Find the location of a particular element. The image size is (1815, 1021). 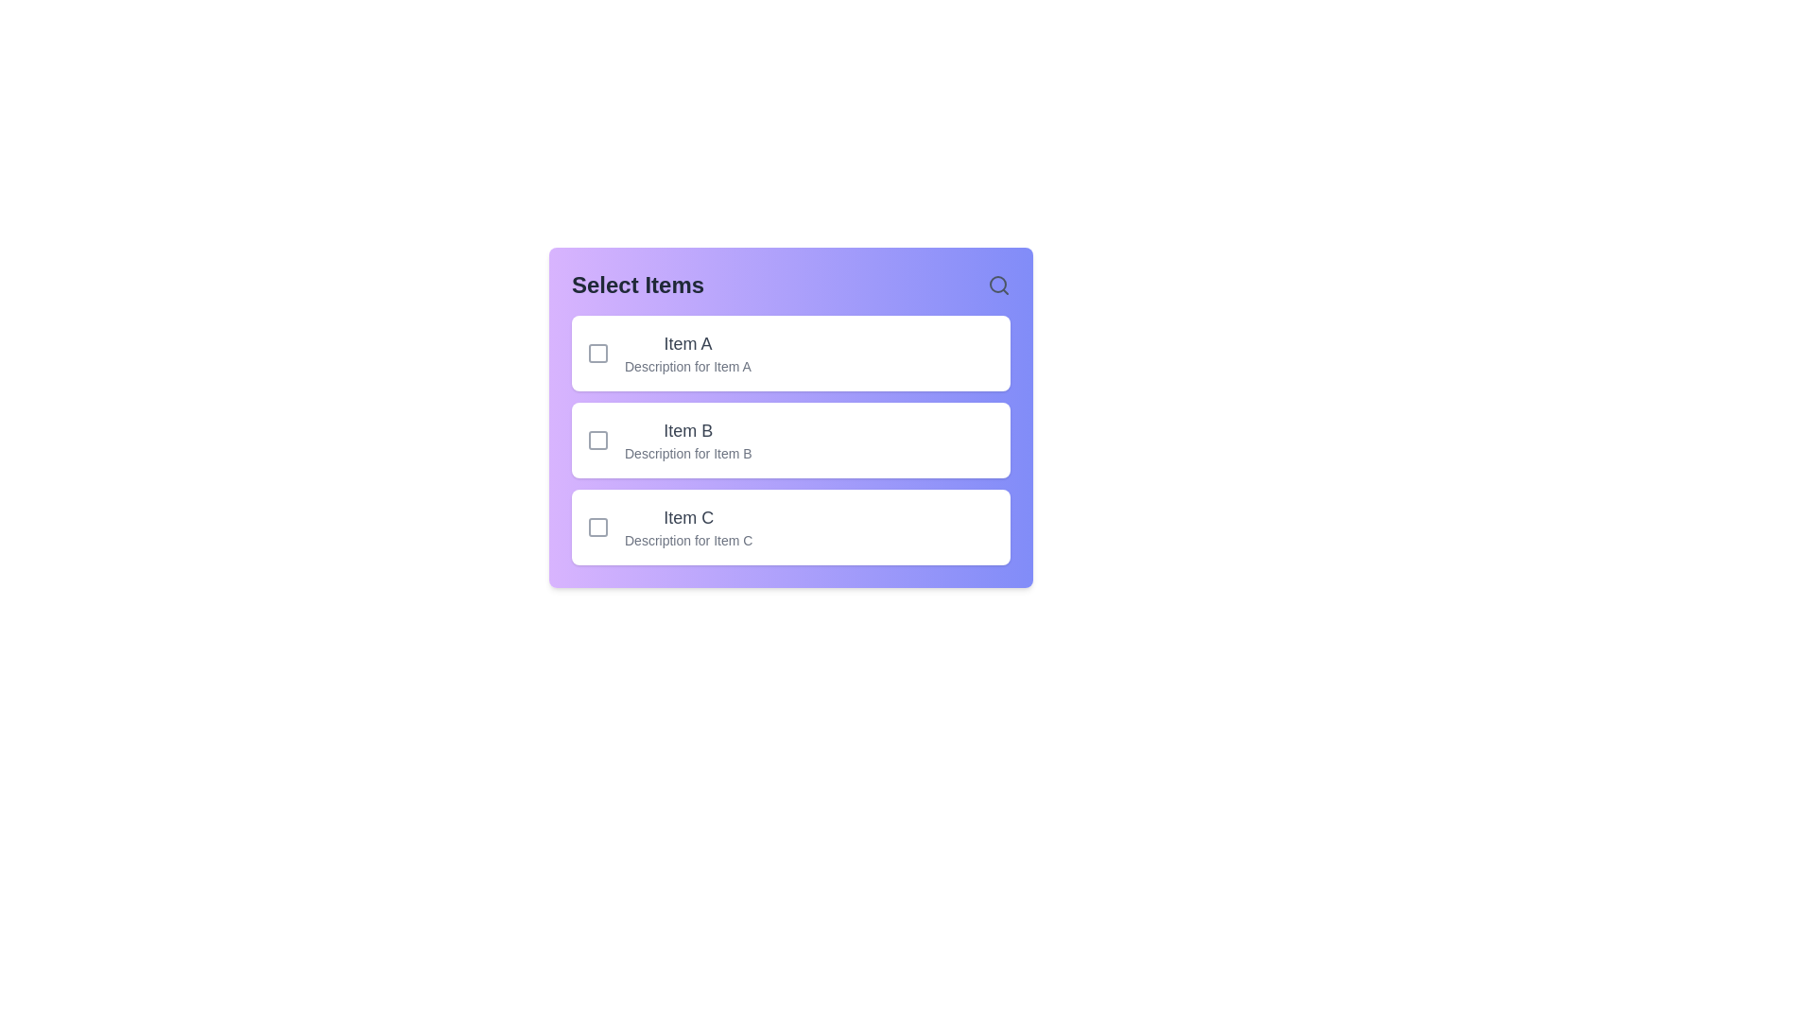

the checkbox for Item C is located at coordinates (597, 528).